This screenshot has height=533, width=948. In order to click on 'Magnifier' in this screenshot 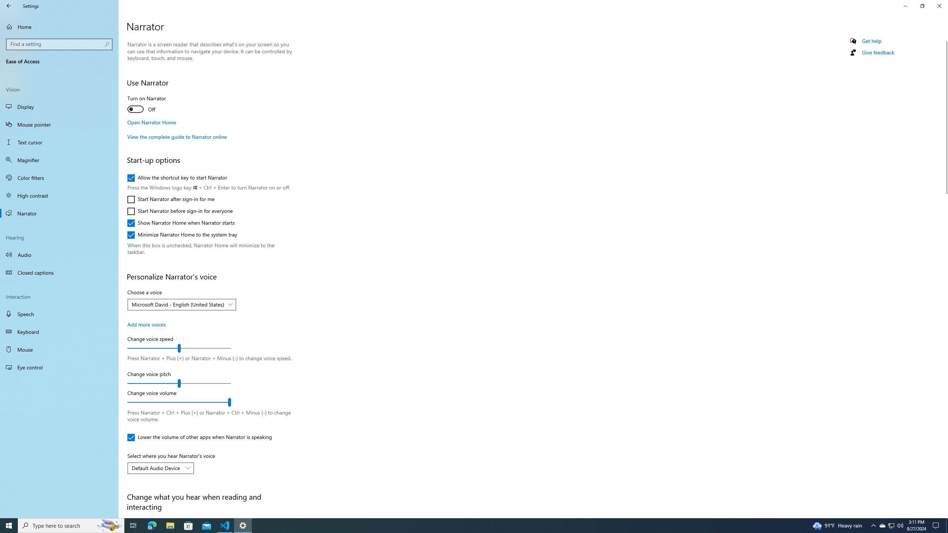, I will do `click(59, 160)`.